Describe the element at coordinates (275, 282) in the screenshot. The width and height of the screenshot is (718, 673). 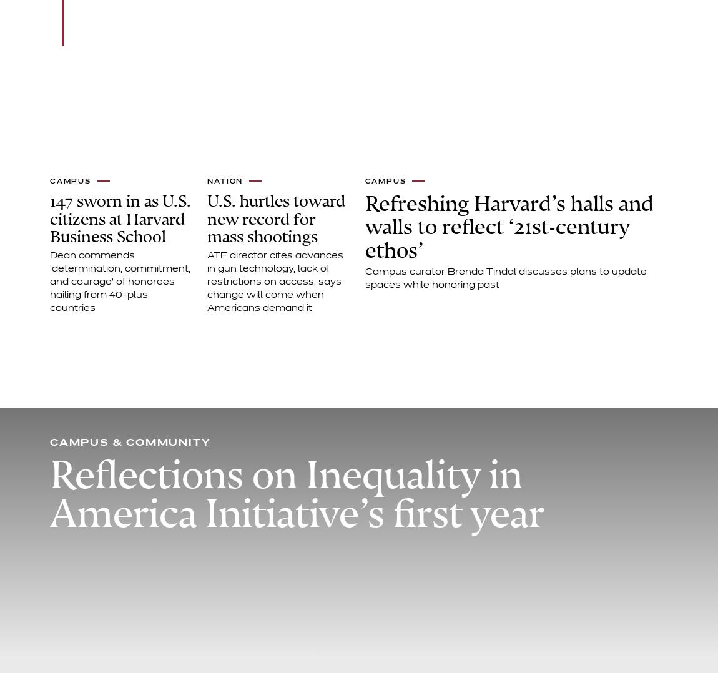
I see `'ATF director cites advances in gun technology, lack of restrictions on access, says change will come when Americans demand it'` at that location.